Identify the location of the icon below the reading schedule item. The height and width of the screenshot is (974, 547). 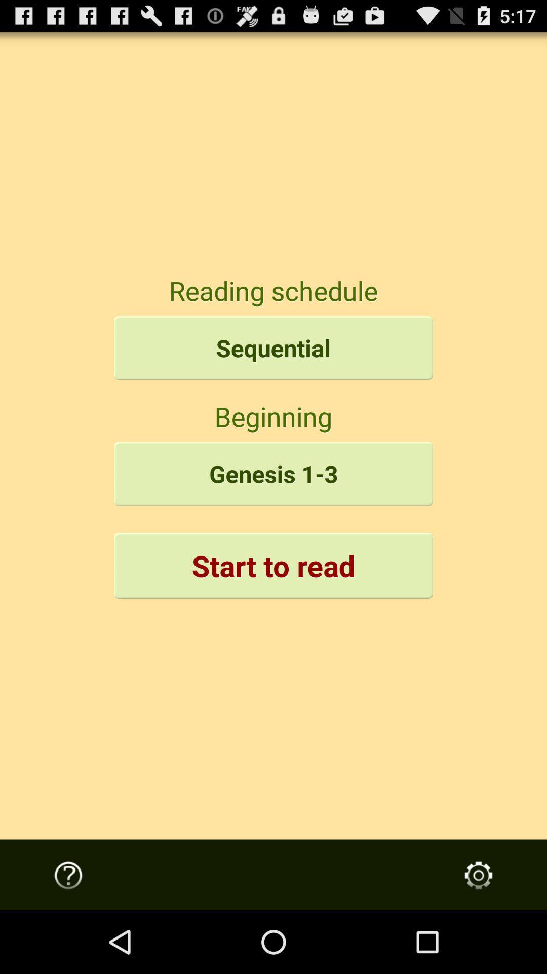
(273, 348).